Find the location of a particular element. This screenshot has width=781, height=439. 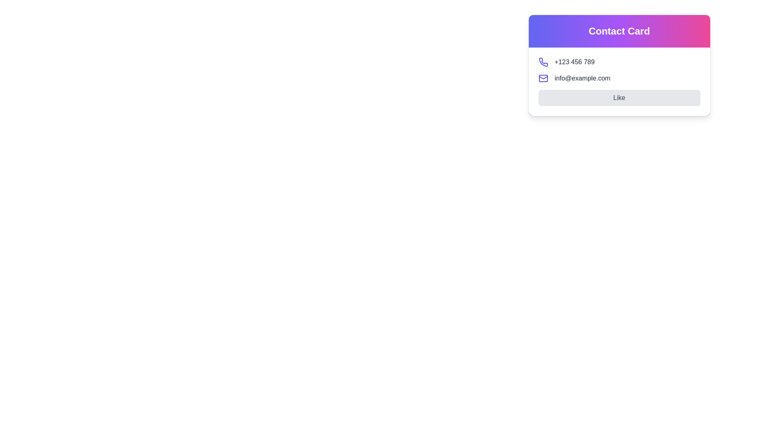

the 'Contact Card' text label, which is a bold title displayed at the top of a card layout with a gradient background from blue to pink is located at coordinates (619, 31).